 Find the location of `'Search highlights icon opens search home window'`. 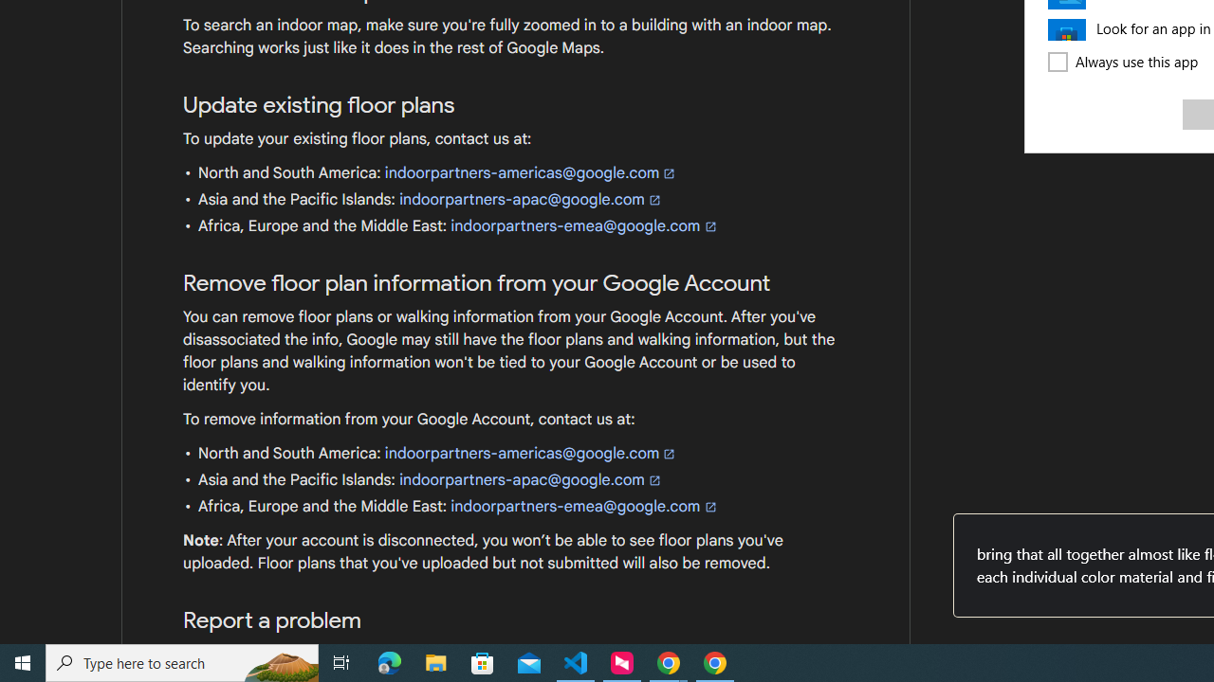

'Search highlights icon opens search home window' is located at coordinates (279, 661).